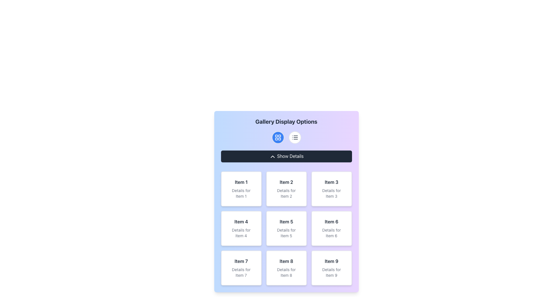 This screenshot has width=542, height=305. What do you see at coordinates (294, 137) in the screenshot?
I see `the toggle button icon resembling a list layout` at bounding box center [294, 137].